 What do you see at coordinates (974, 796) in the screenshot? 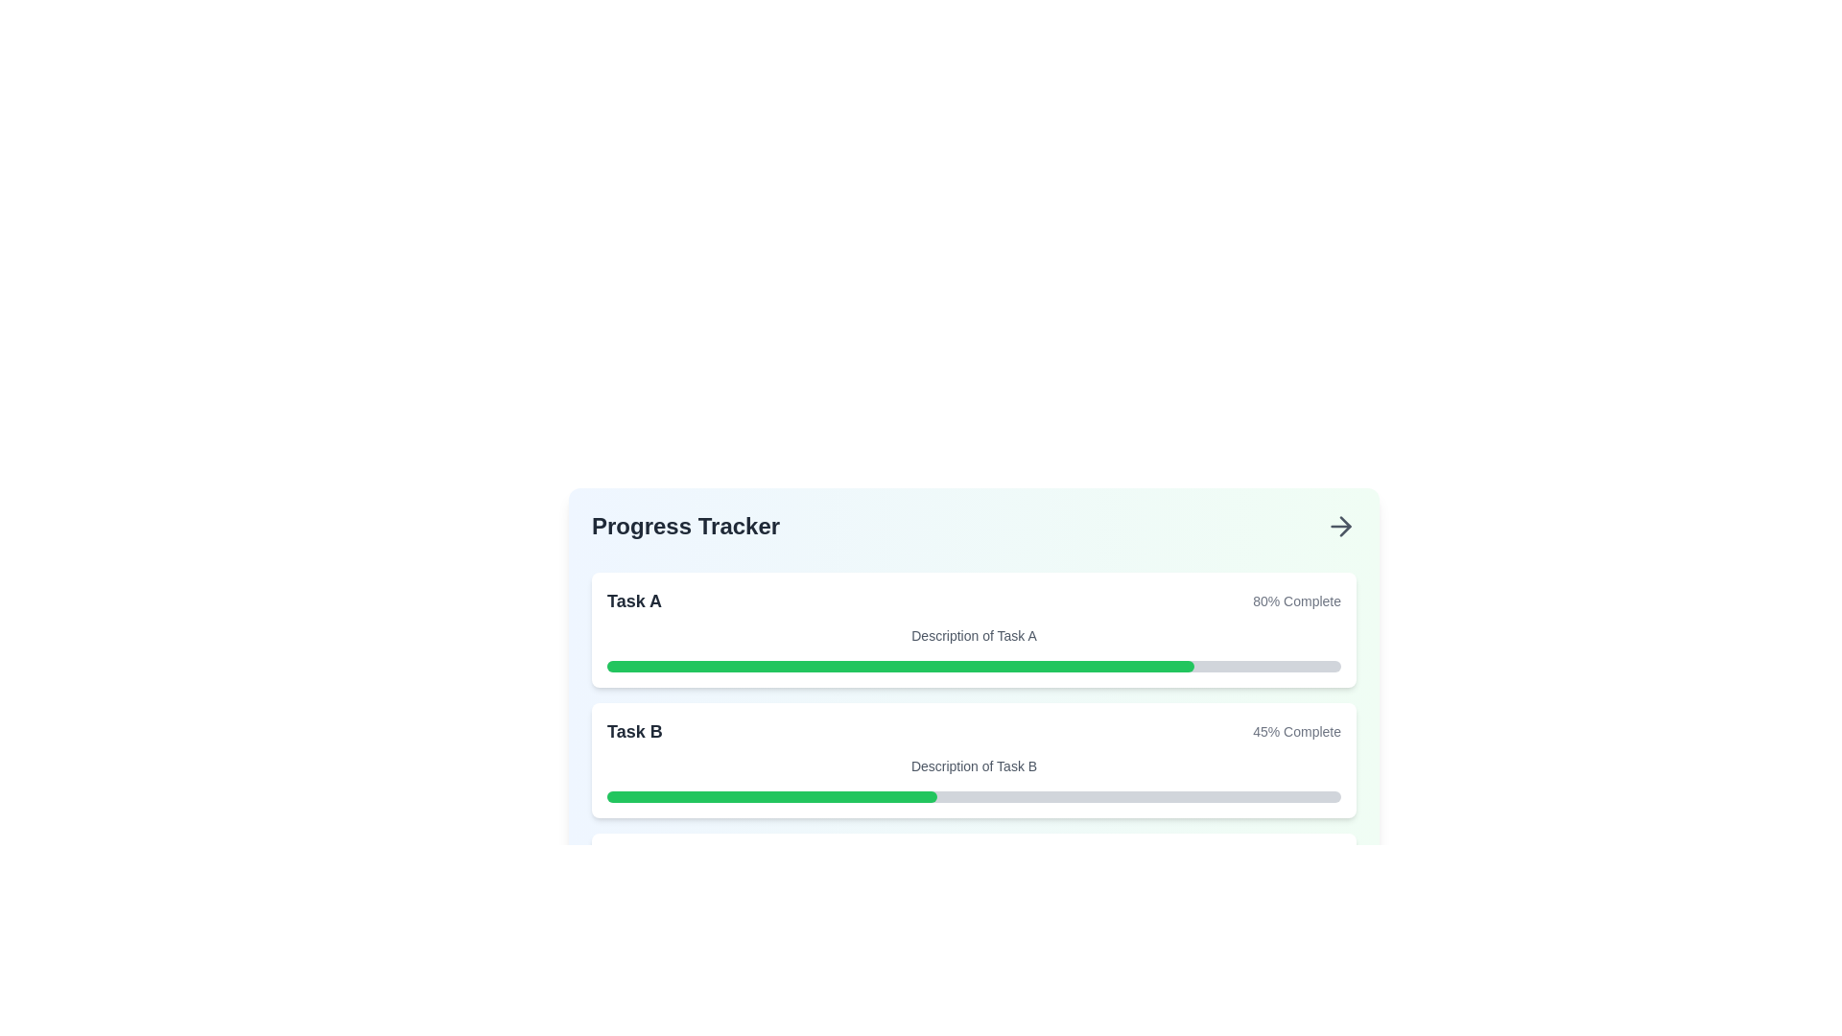
I see `the progress bar located in the 'Task B' area, which visually represents task completion with a green and gray portion, situated below 'Description of Task B'` at bounding box center [974, 796].